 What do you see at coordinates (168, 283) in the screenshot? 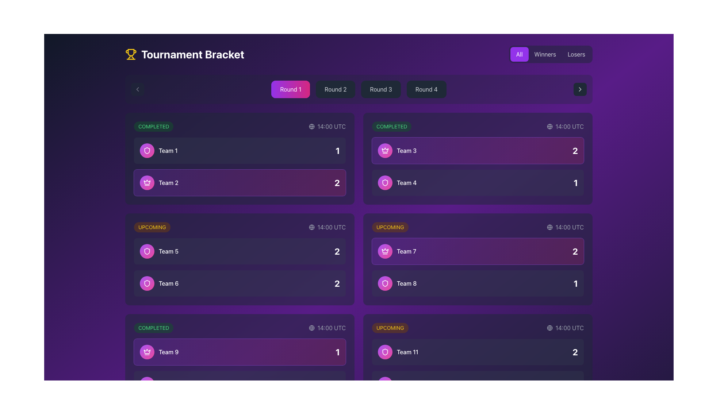
I see `the static text label displaying 'Team 6' in bold white font, located at the far right of its horizontally aligned group next to a circular icon and an SVG shield icon within the 'UPCOMING' section` at bounding box center [168, 283].